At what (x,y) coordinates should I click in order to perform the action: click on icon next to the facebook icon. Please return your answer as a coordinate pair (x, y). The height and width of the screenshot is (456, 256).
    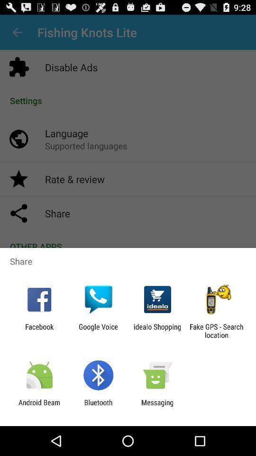
    Looking at the image, I should click on (98, 331).